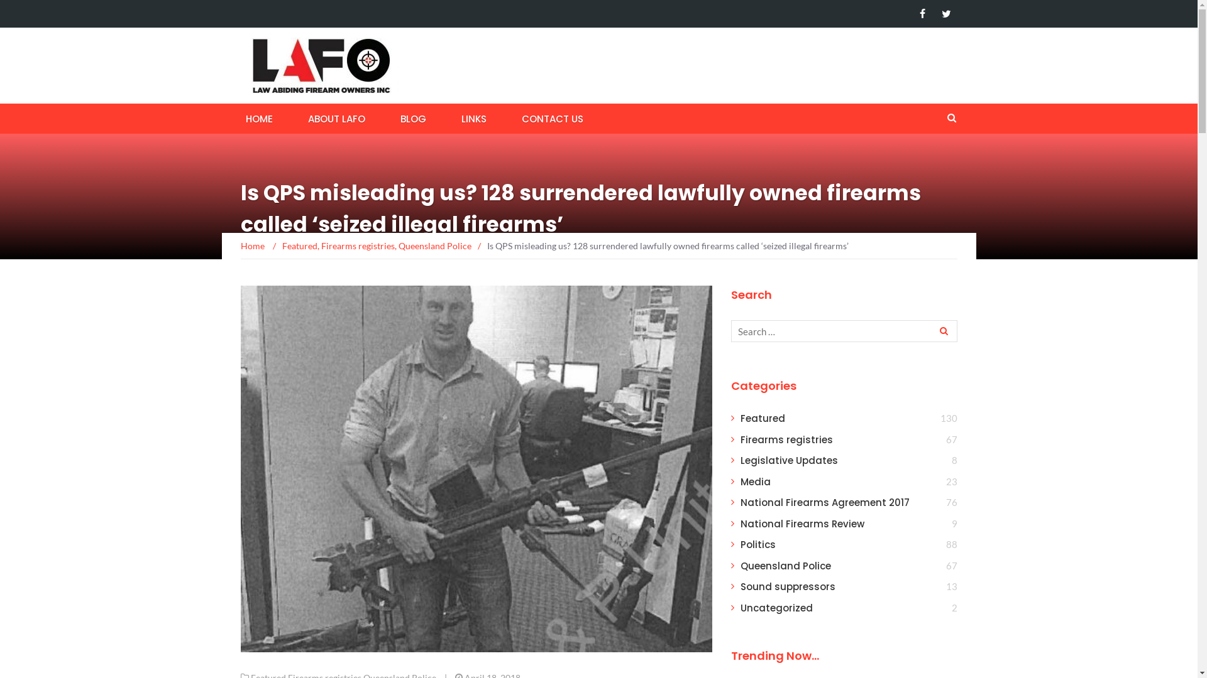  Describe the element at coordinates (240, 245) in the screenshot. I see `'Home'` at that location.